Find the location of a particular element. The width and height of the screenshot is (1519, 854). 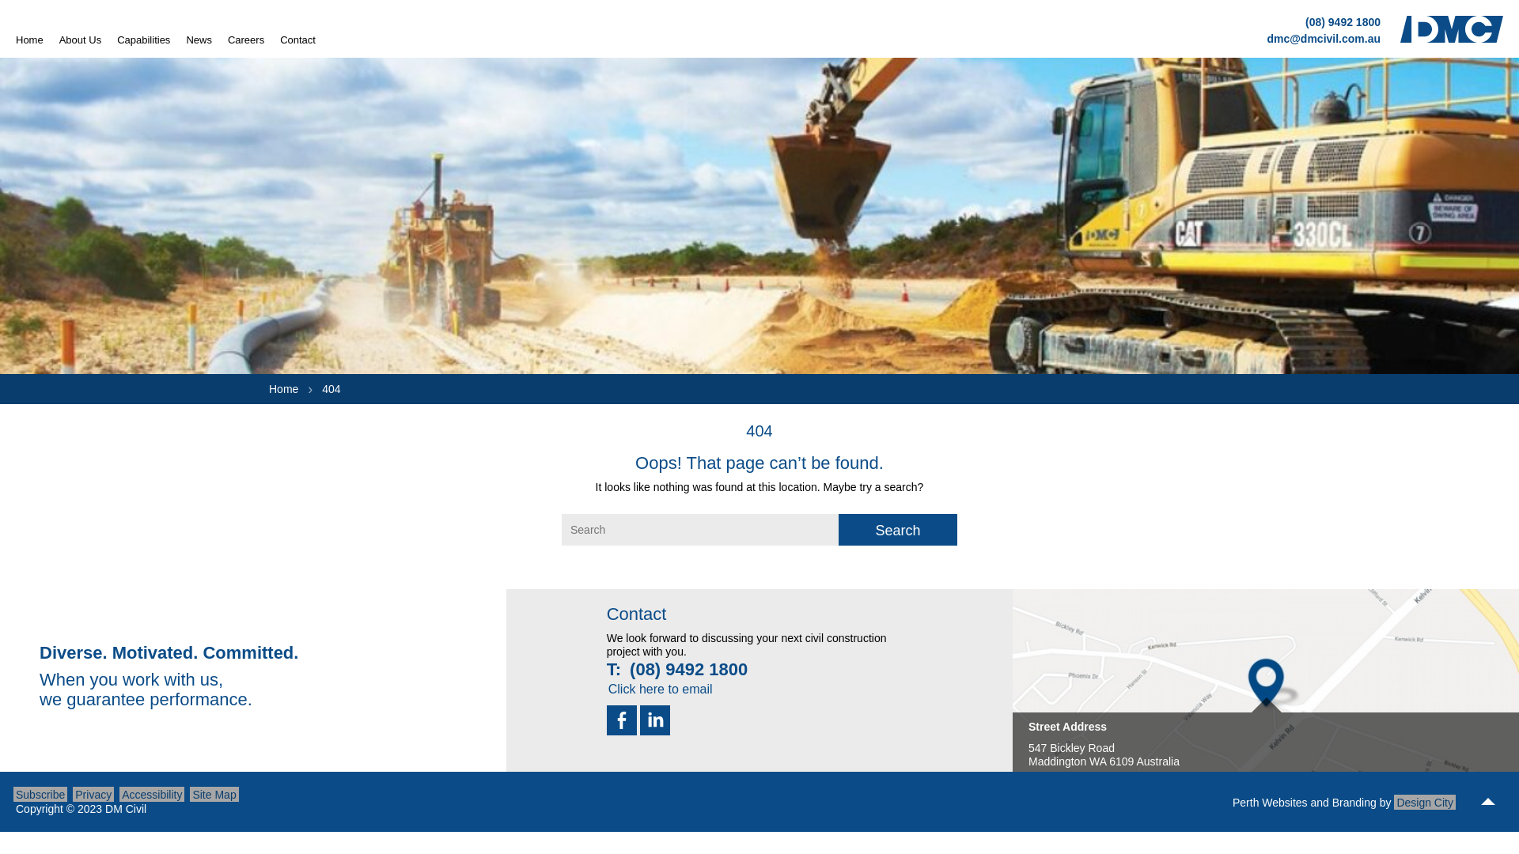

'Subscribe' is located at coordinates (40, 794).